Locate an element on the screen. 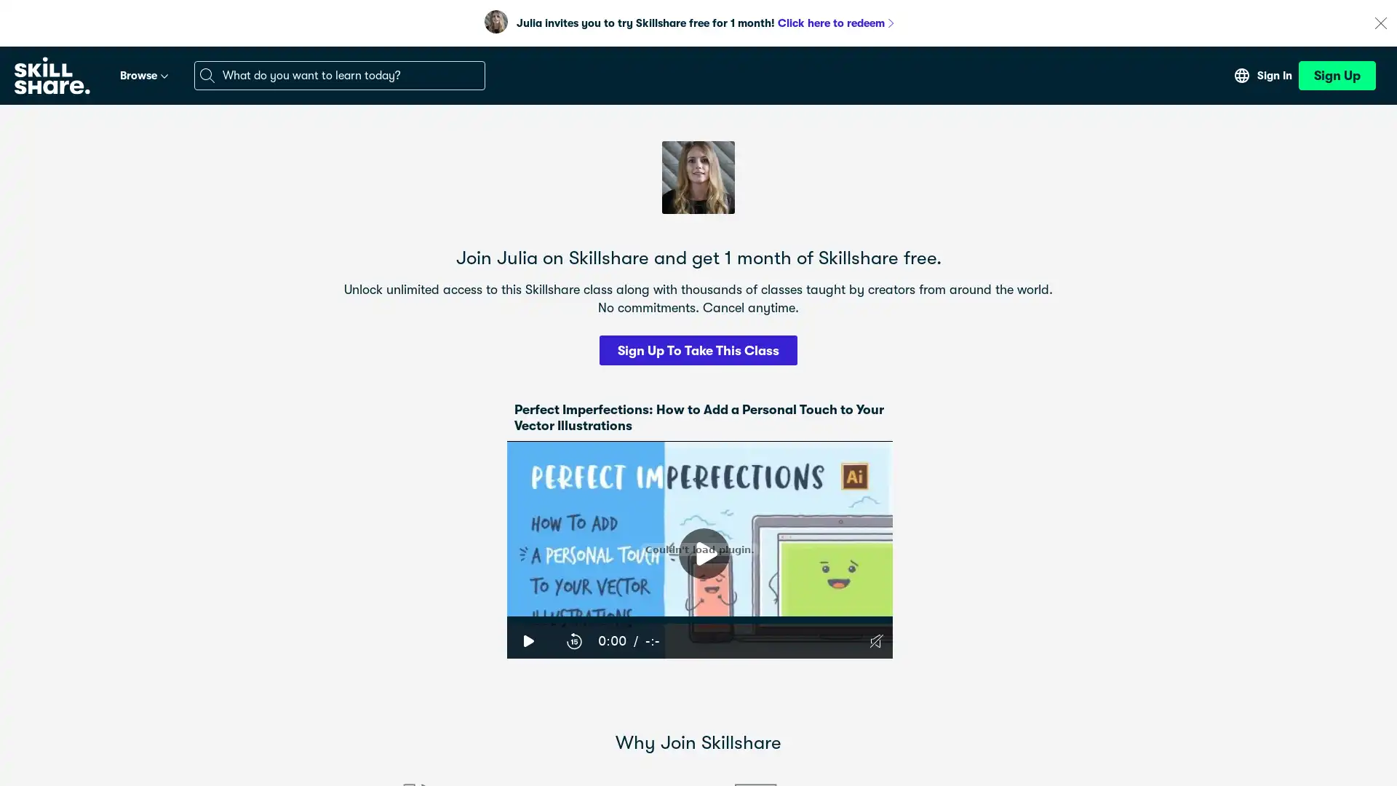 This screenshot has height=786, width=1397. 15-Second Rewind is located at coordinates (573, 639).